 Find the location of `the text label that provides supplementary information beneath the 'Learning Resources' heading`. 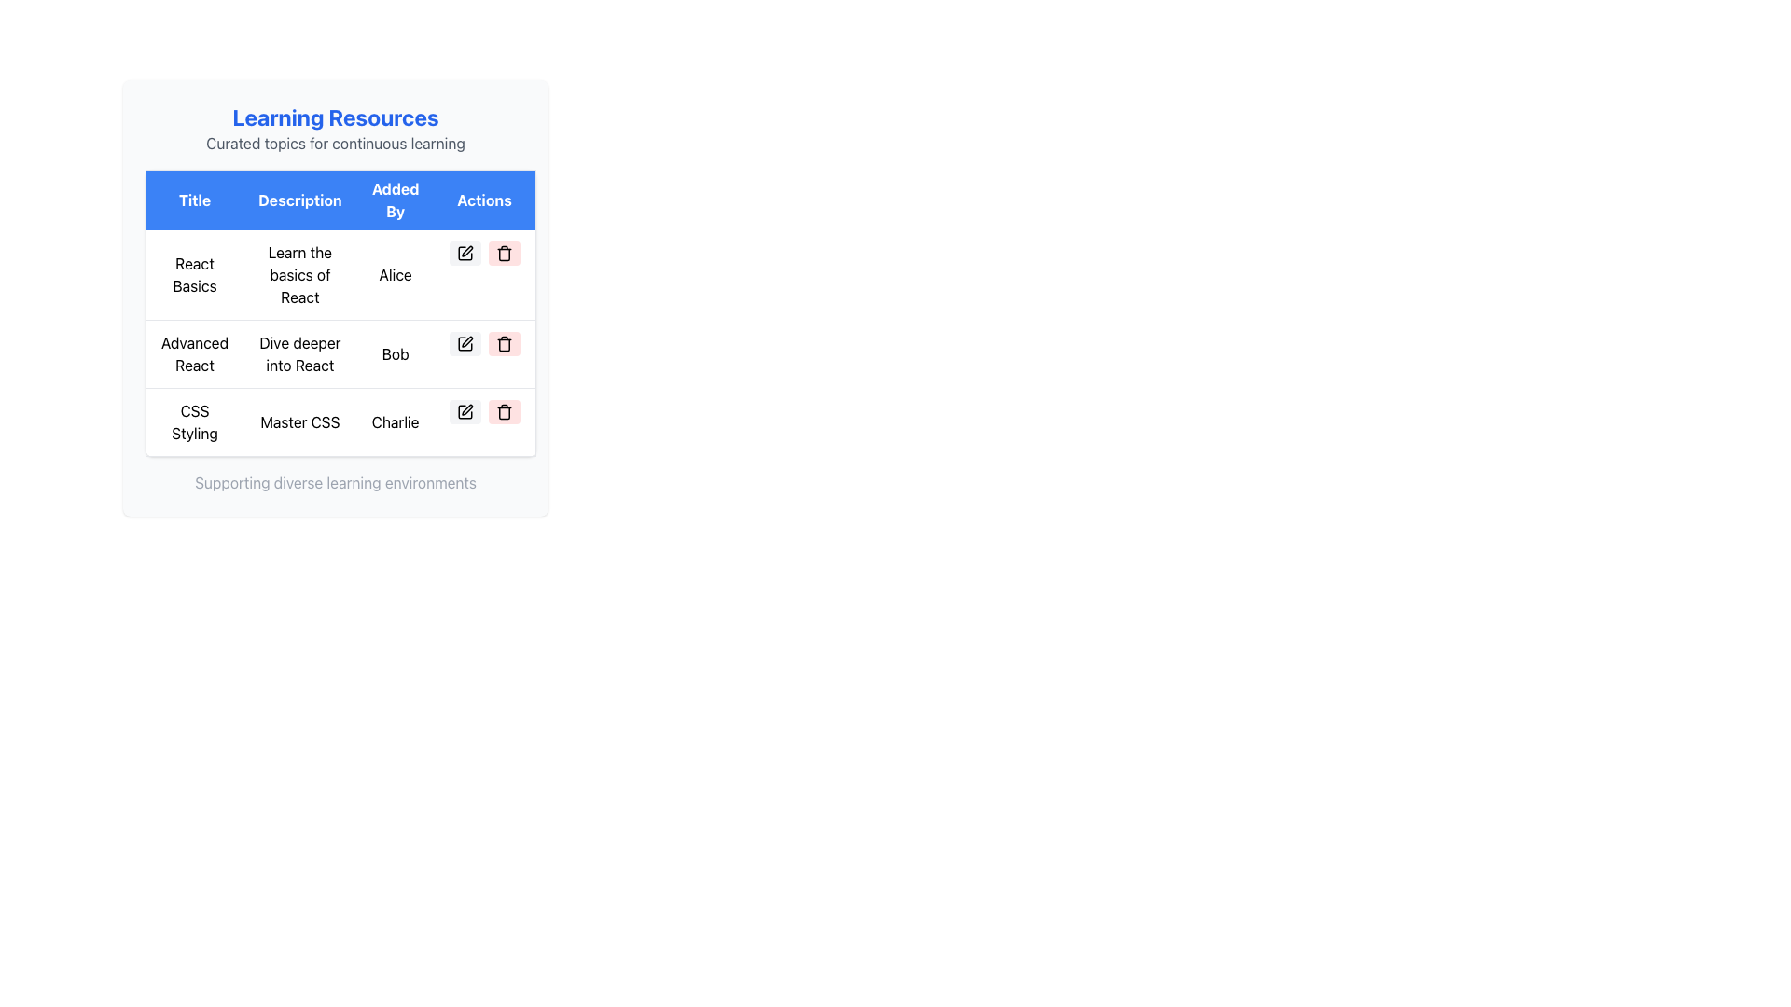

the text label that provides supplementary information beneath the 'Learning Resources' heading is located at coordinates (336, 143).